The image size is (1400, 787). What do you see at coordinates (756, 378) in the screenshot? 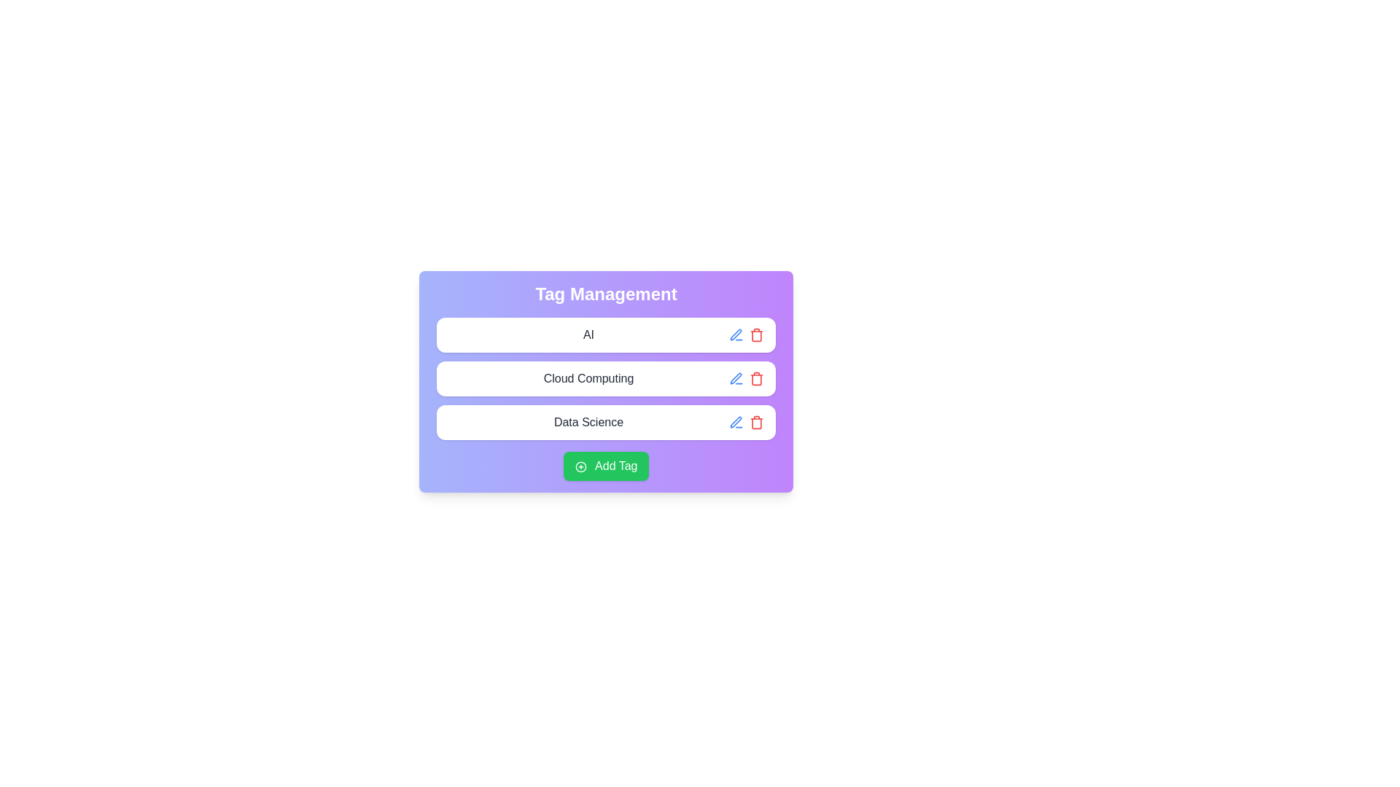
I see `the red trash can icon button` at bounding box center [756, 378].